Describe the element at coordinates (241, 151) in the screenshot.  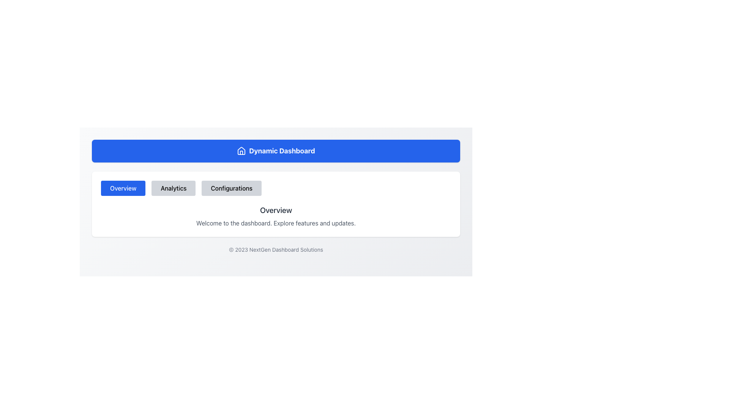
I see `the triangular roof portion of the house-shaped icon located inside the blue bar at the top of the interface, near the text 'Dynamic Dashboard'` at that location.